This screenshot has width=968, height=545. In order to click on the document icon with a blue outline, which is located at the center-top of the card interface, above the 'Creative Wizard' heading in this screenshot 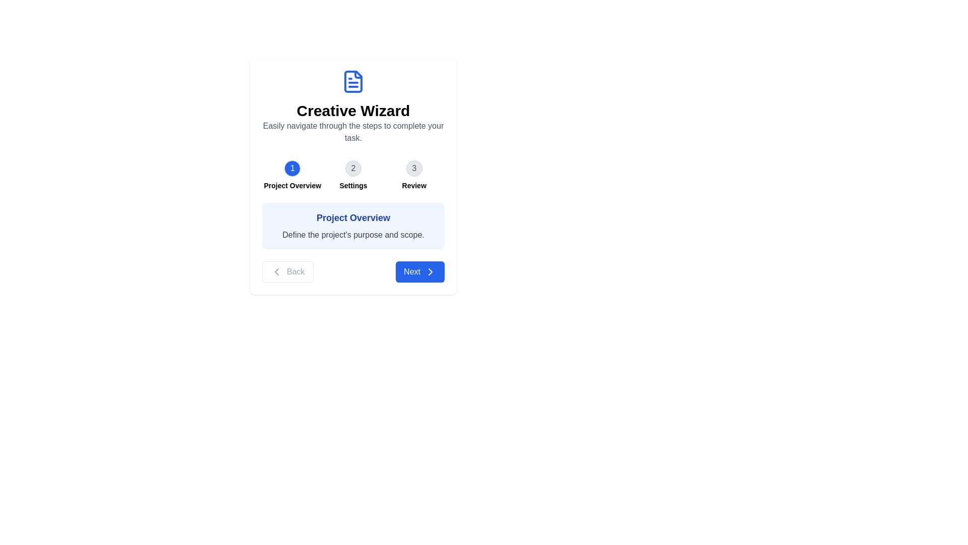, I will do `click(353, 81)`.